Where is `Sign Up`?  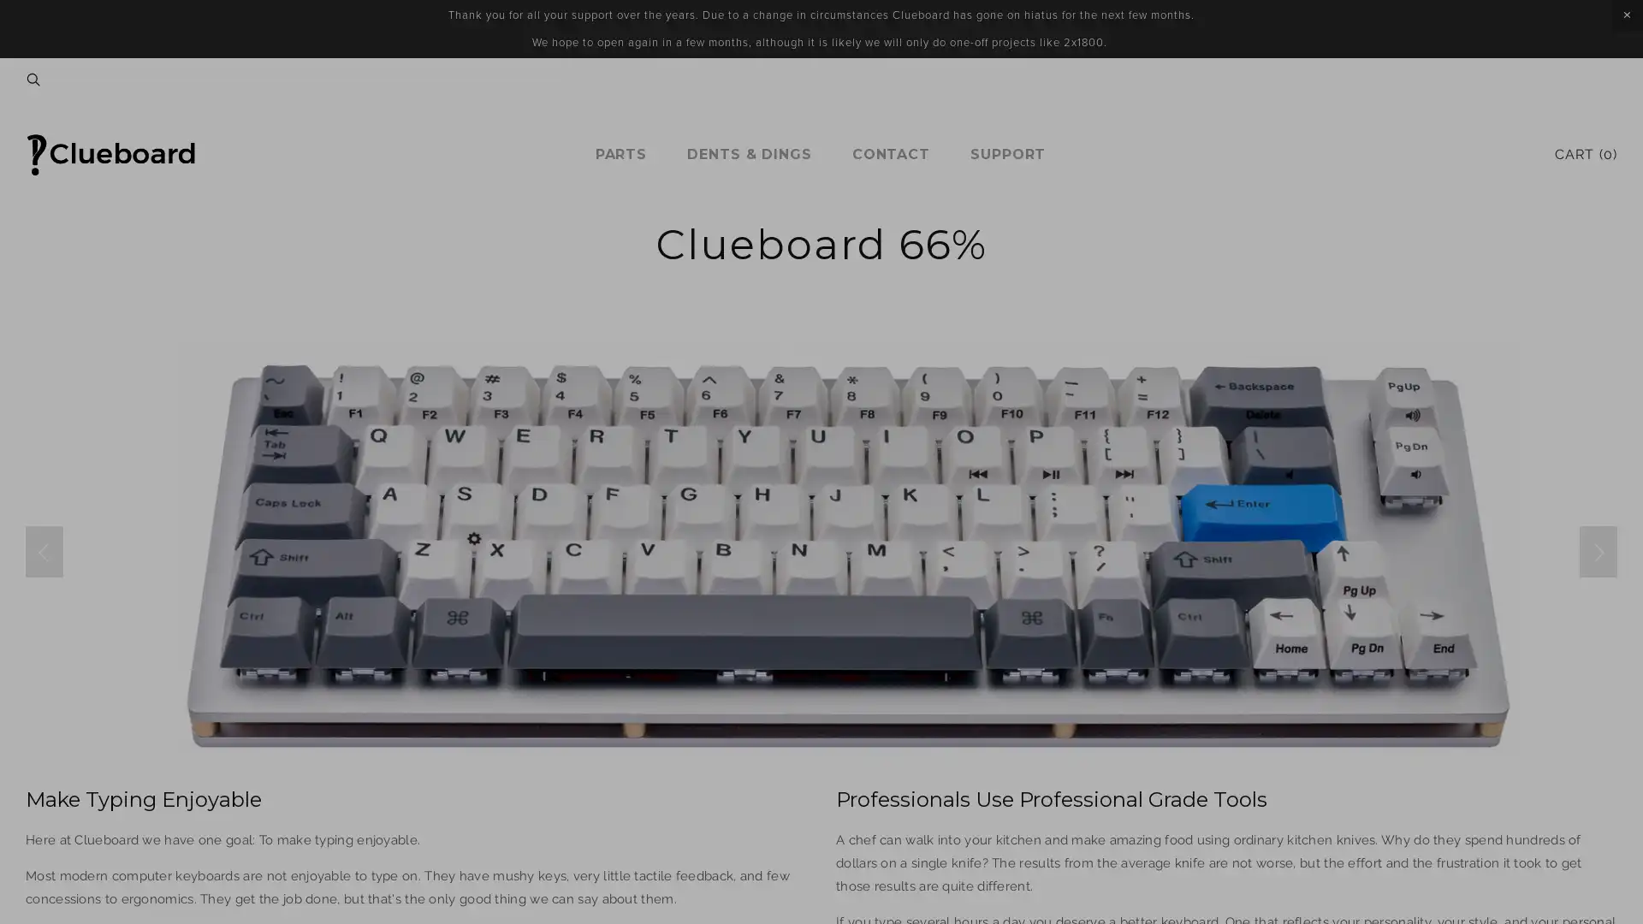 Sign Up is located at coordinates (974, 563).